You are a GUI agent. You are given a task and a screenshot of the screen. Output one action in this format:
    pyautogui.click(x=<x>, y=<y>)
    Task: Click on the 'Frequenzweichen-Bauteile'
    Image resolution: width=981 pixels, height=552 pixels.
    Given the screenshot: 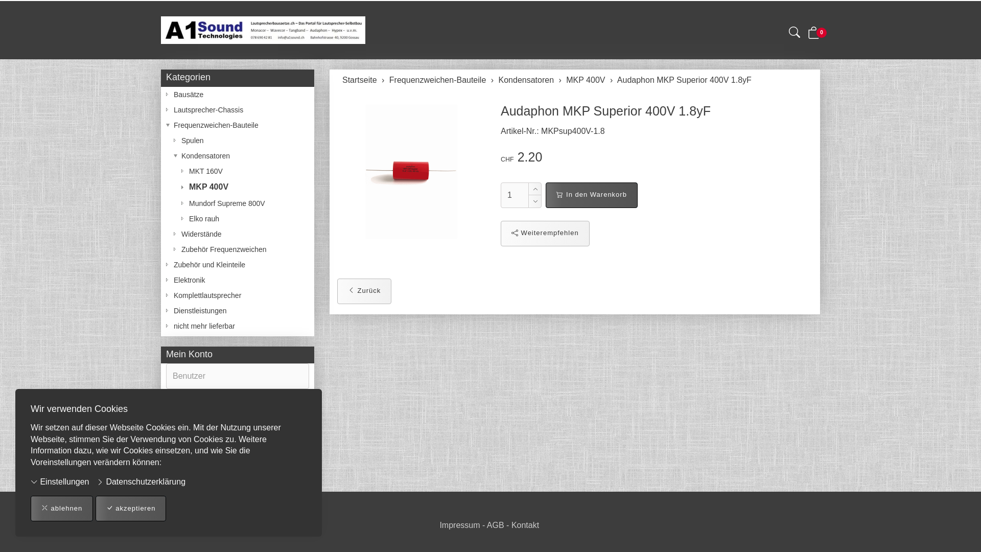 What is the action you would take?
    pyautogui.click(x=437, y=79)
    